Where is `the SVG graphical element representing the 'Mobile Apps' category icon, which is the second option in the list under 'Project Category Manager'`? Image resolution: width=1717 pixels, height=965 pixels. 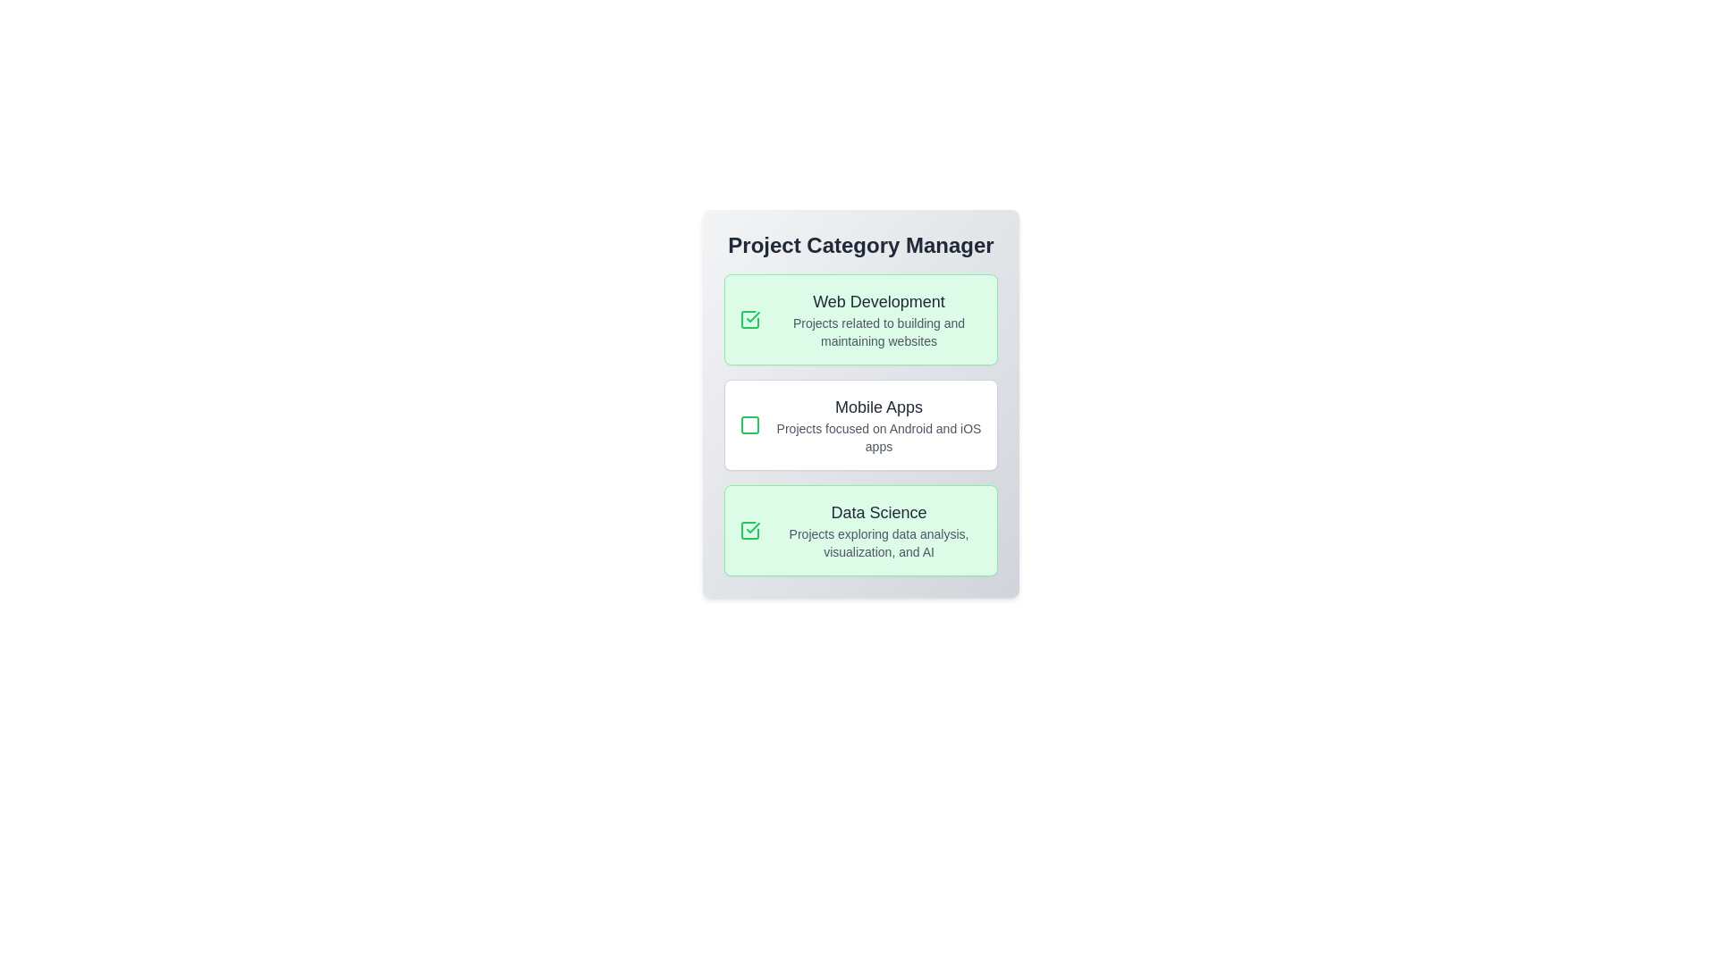
the SVG graphical element representing the 'Mobile Apps' category icon, which is the second option in the list under 'Project Category Manager' is located at coordinates (750, 424).